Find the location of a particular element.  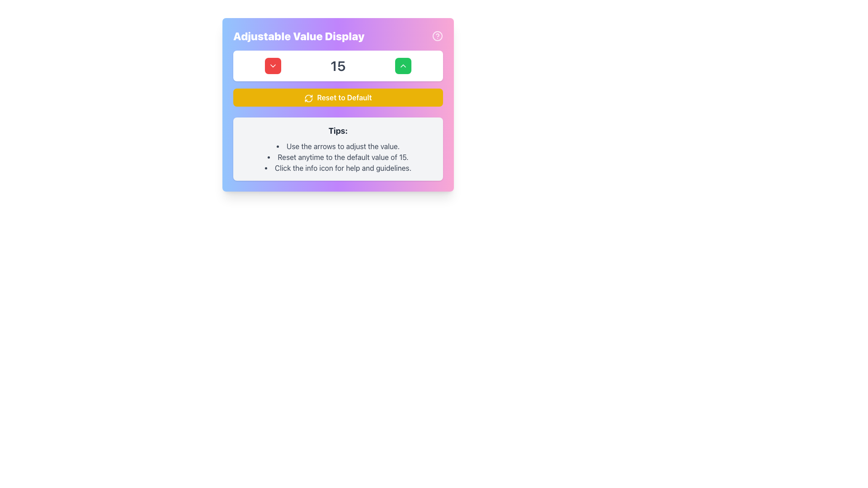

the interactive help icon button located in the top-right corner of the 'Adjustable Value Display' header to change its opacity is located at coordinates (438, 36).